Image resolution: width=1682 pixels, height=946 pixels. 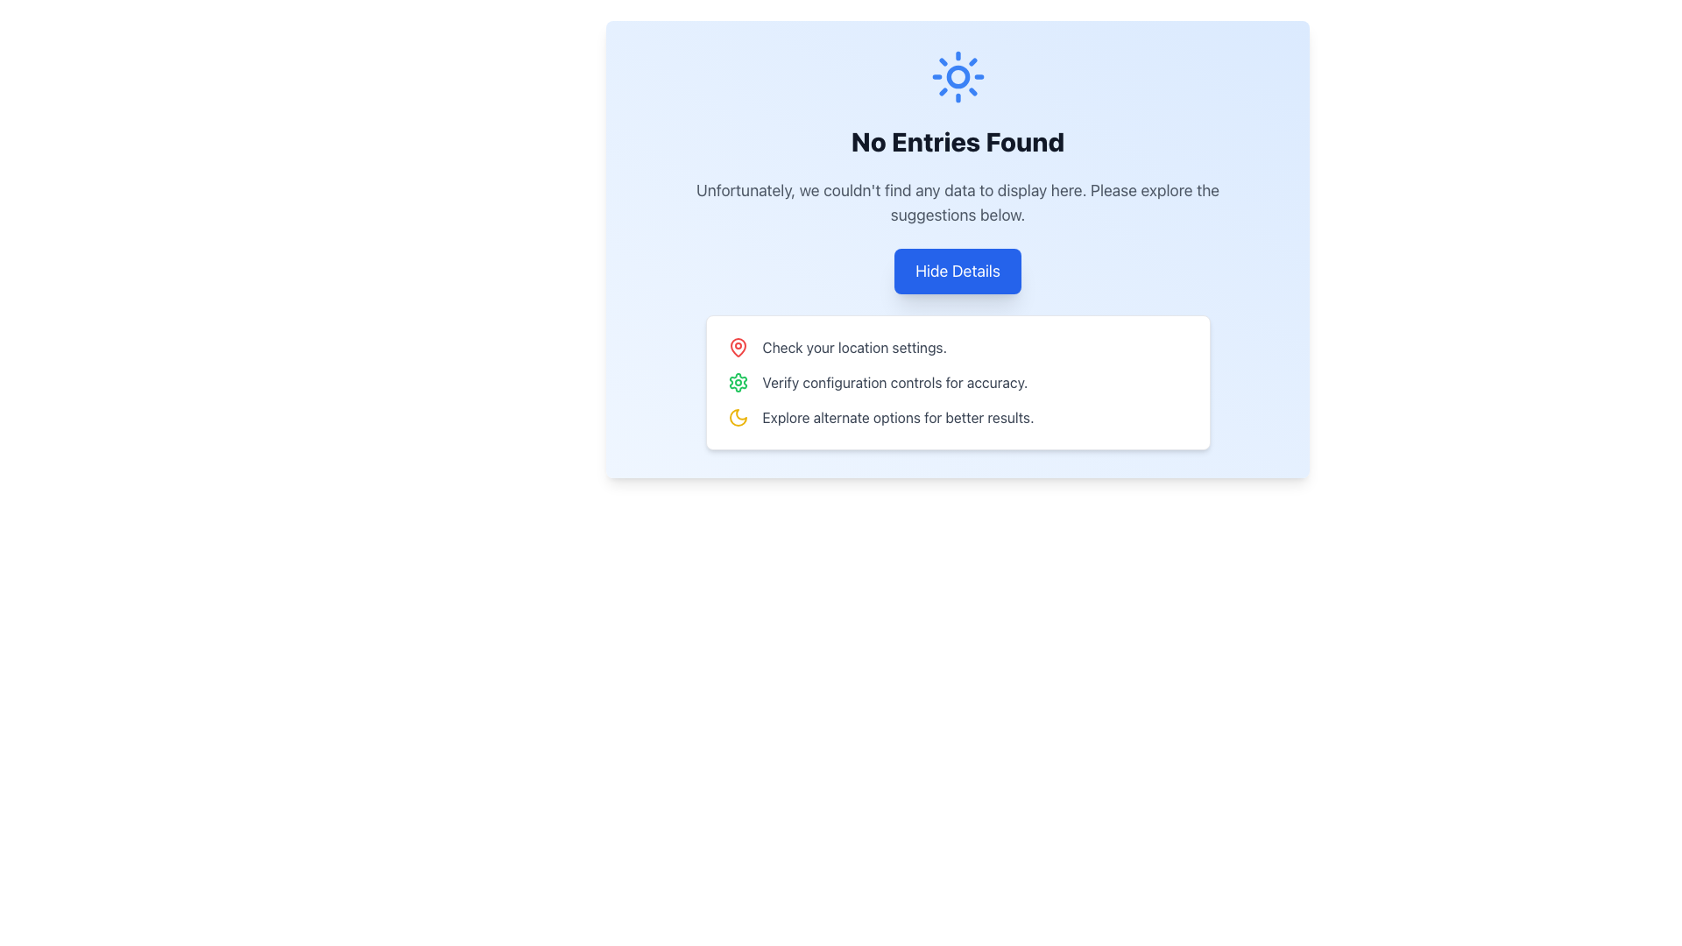 What do you see at coordinates (898, 418) in the screenshot?
I see `the text label displaying 'Explore alternate options for better results.' to possibly see further details` at bounding box center [898, 418].